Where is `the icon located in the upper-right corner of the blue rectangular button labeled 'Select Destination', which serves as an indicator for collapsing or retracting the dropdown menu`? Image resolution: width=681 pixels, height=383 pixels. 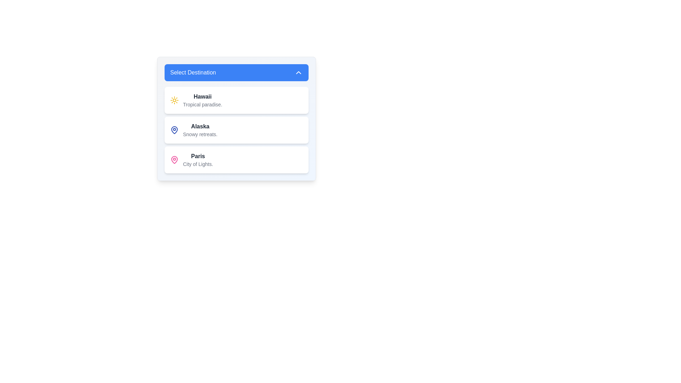 the icon located in the upper-right corner of the blue rectangular button labeled 'Select Destination', which serves as an indicator for collapsing or retracting the dropdown menu is located at coordinates (298, 72).